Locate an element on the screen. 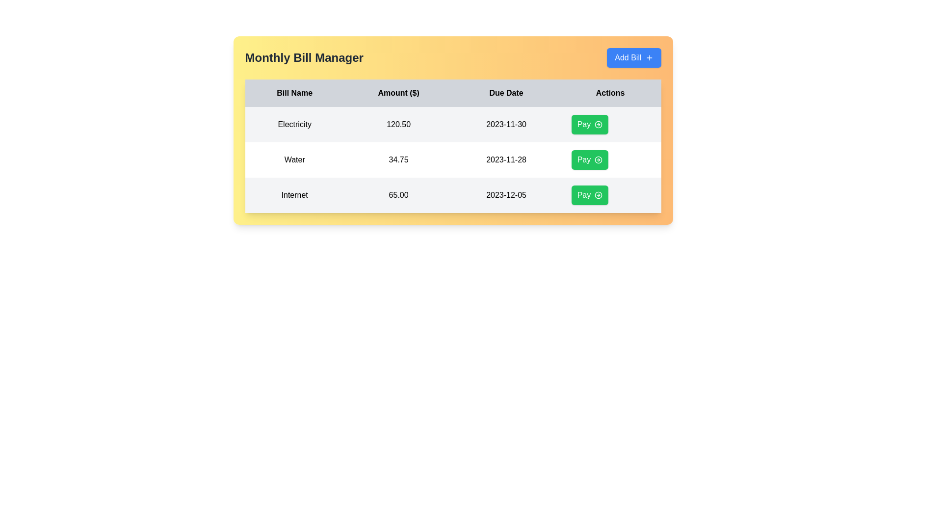  the Table Cell displaying 'Electricity' in the 'Bill Name' column, which is the first cell of its row is located at coordinates (294, 124).